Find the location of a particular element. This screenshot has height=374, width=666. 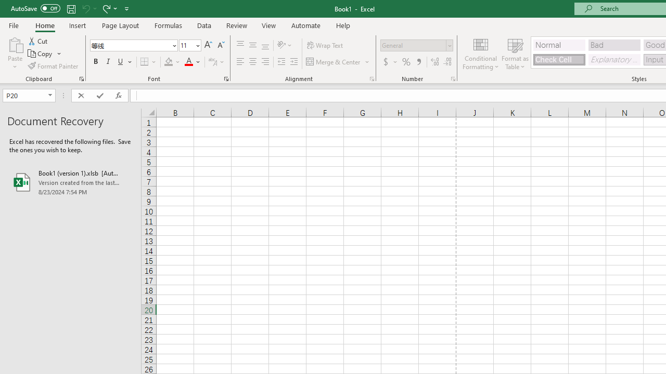

'Redo' is located at coordinates (109, 8).